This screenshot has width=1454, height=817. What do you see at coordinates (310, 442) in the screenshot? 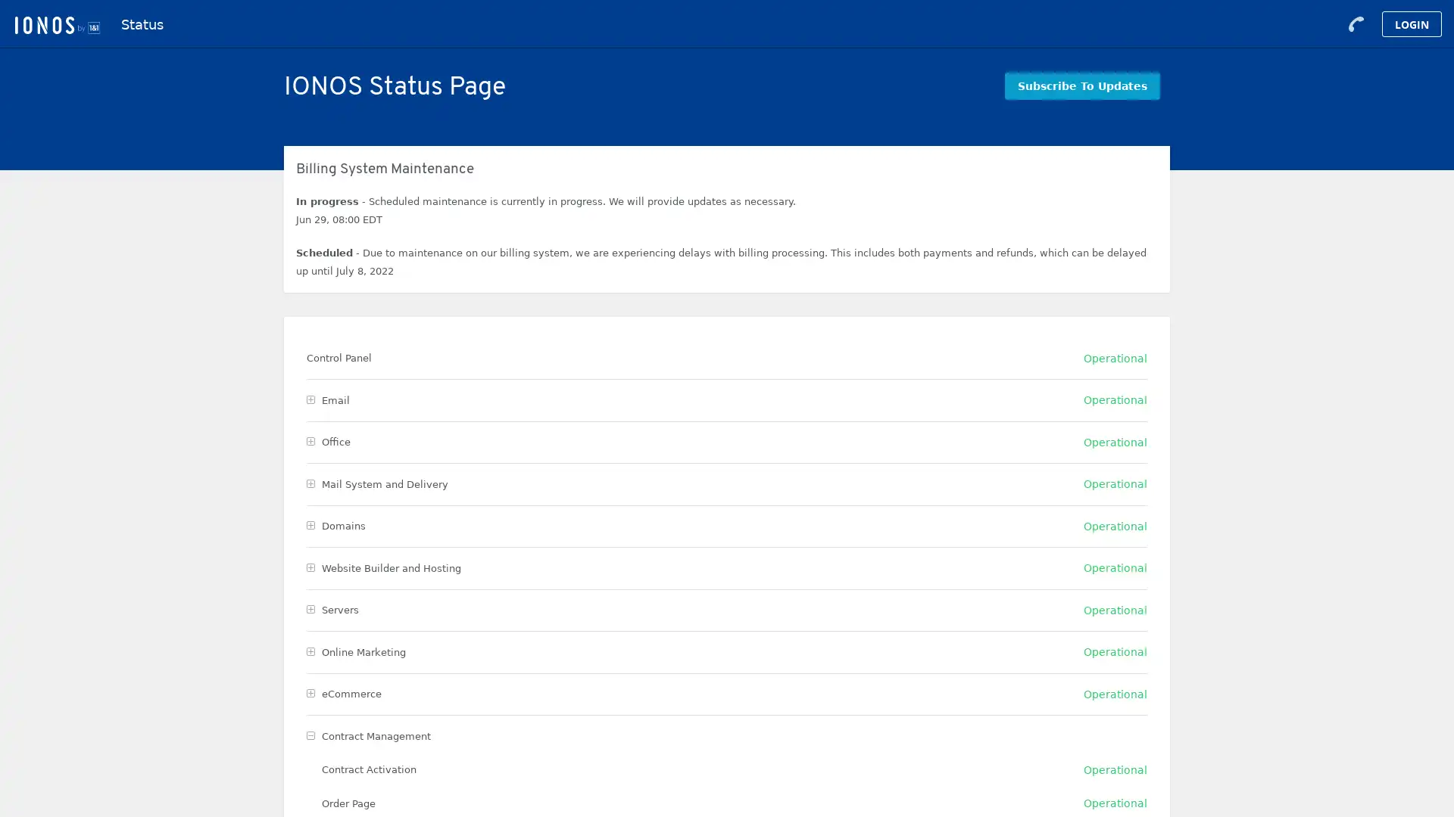
I see `Toggle Office` at bounding box center [310, 442].